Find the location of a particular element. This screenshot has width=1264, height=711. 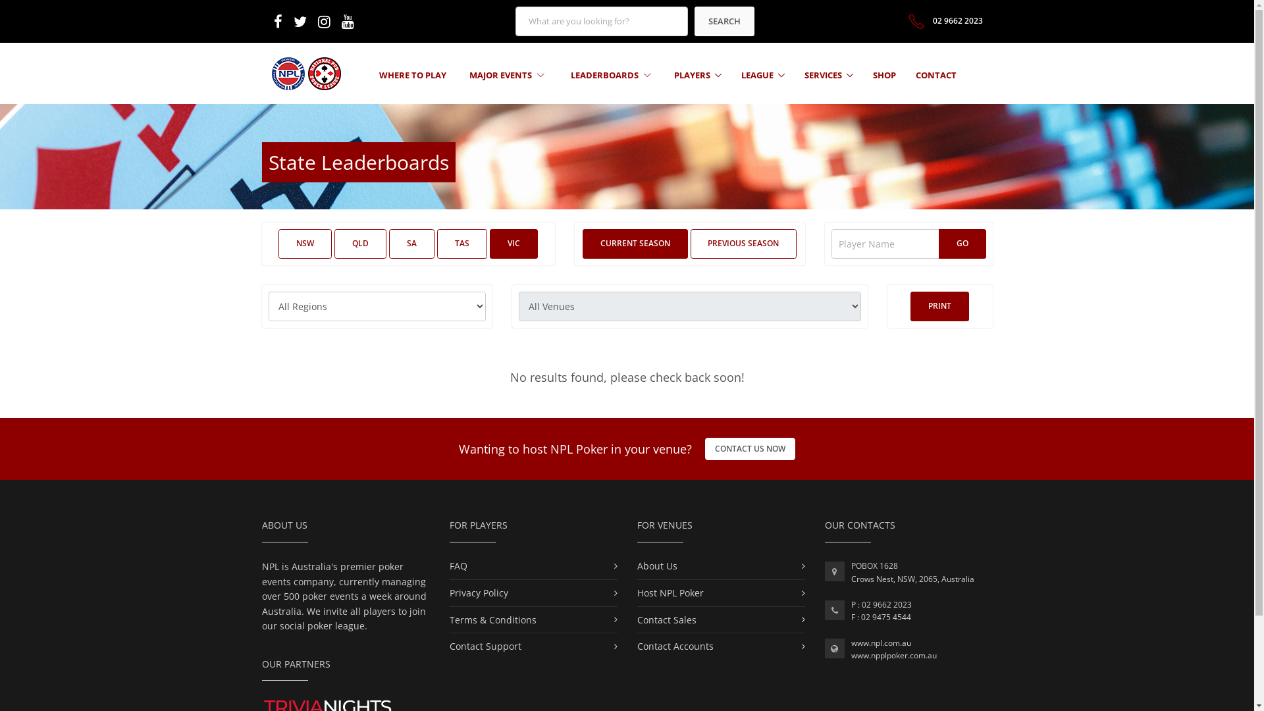

'FAQ' is located at coordinates (458, 565).